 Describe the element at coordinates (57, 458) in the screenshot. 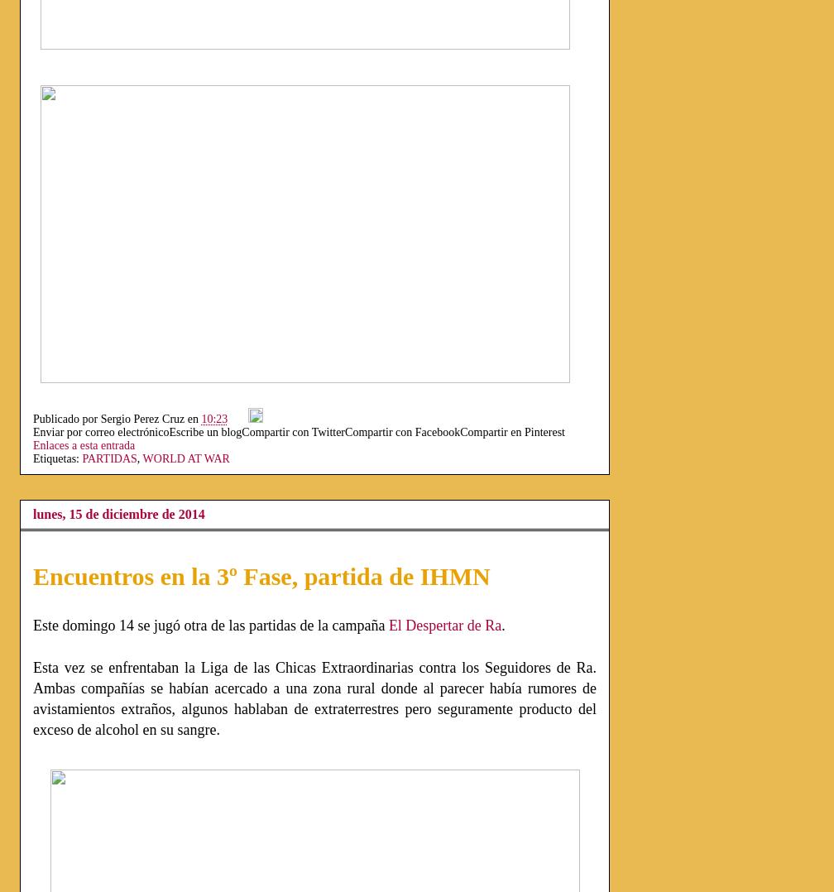

I see `'Etiquetas:'` at that location.